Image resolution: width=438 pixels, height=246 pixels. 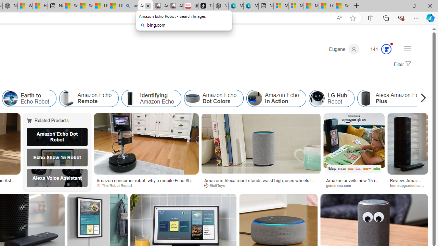 I want to click on 'Wildlife - MSN', so click(x=25, y=6).